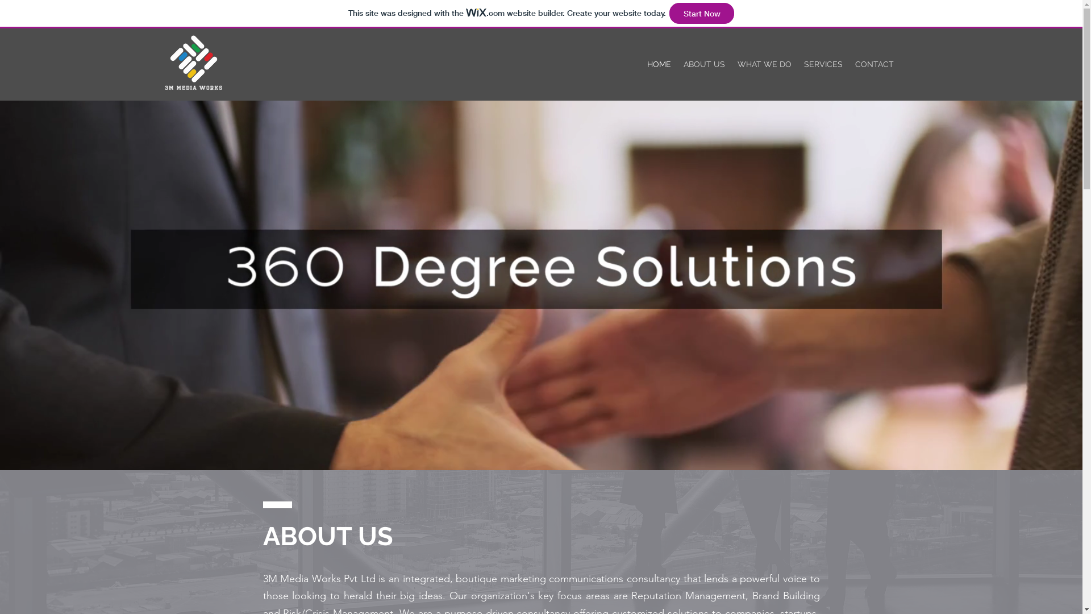  Describe the element at coordinates (823, 64) in the screenshot. I see `'SERVICES'` at that location.